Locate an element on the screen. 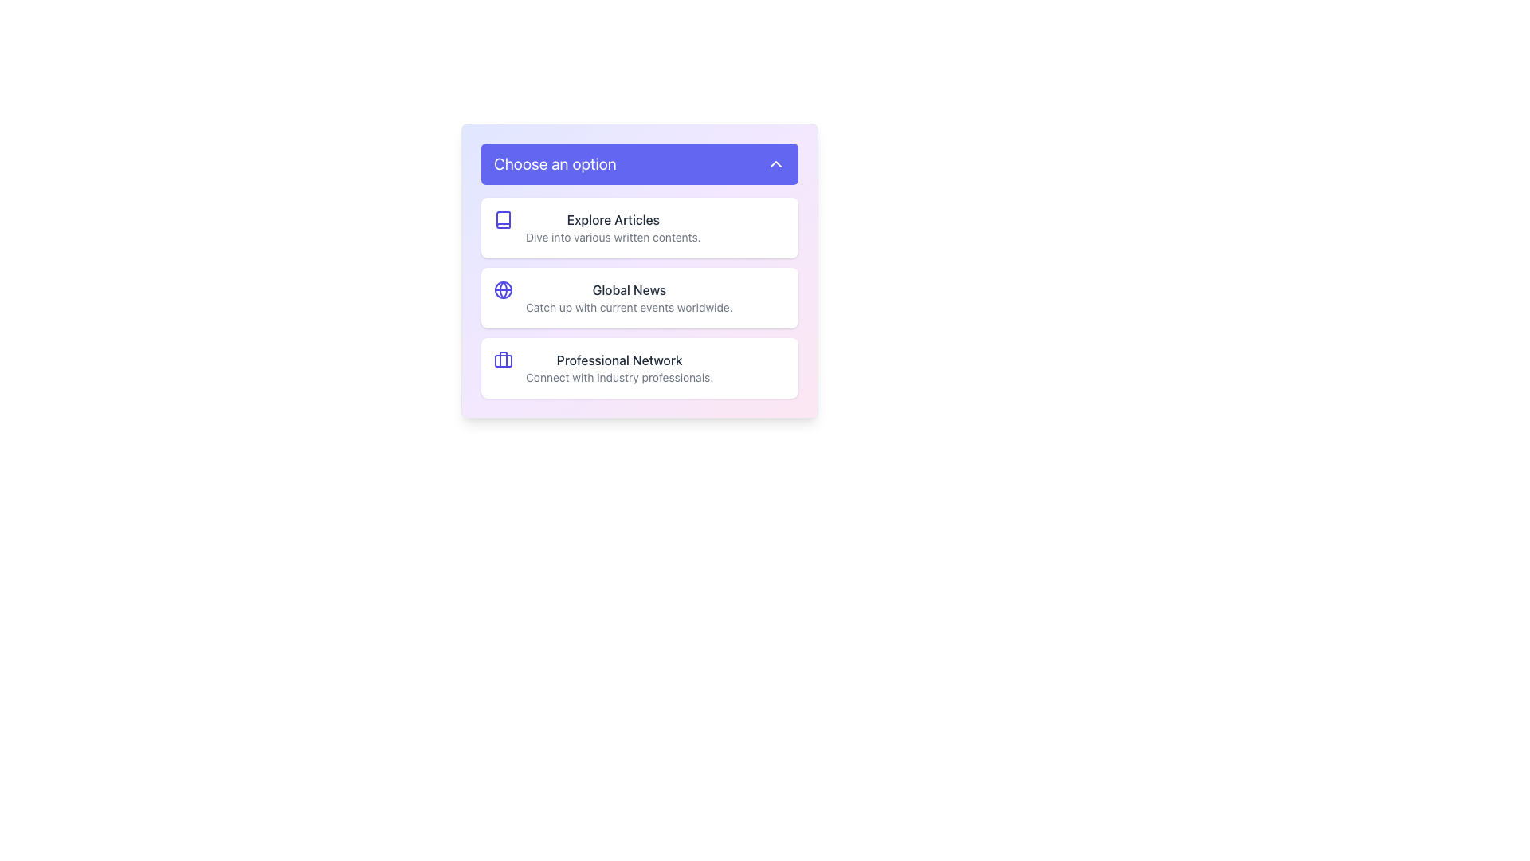  text content of the descriptive subtitle located below the 'Explore Articles' title in the upper quadrant of the menu box is located at coordinates (612, 237).